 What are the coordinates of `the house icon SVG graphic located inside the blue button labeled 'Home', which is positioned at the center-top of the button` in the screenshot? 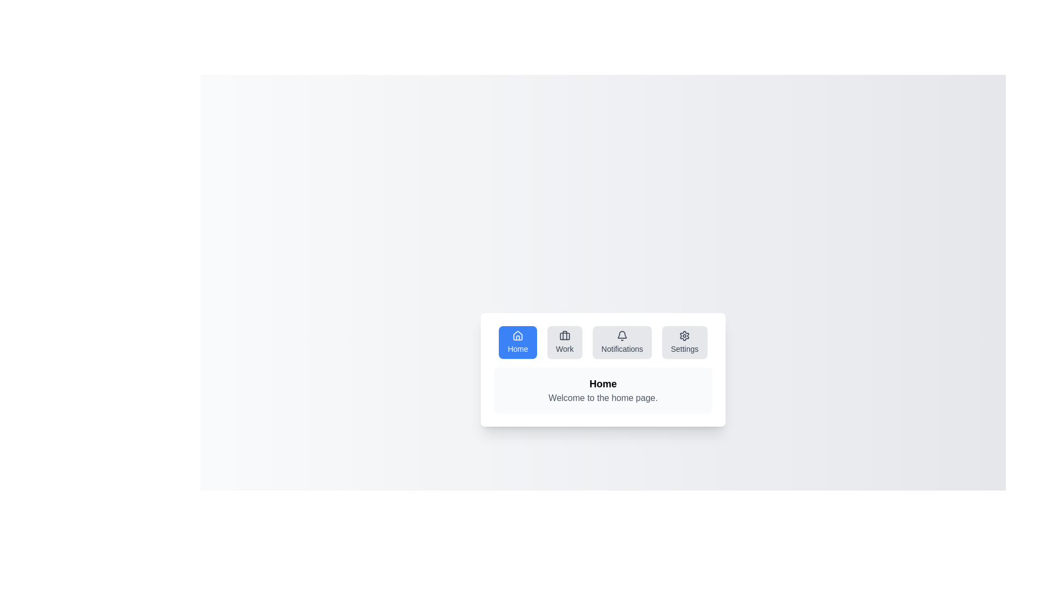 It's located at (517, 335).